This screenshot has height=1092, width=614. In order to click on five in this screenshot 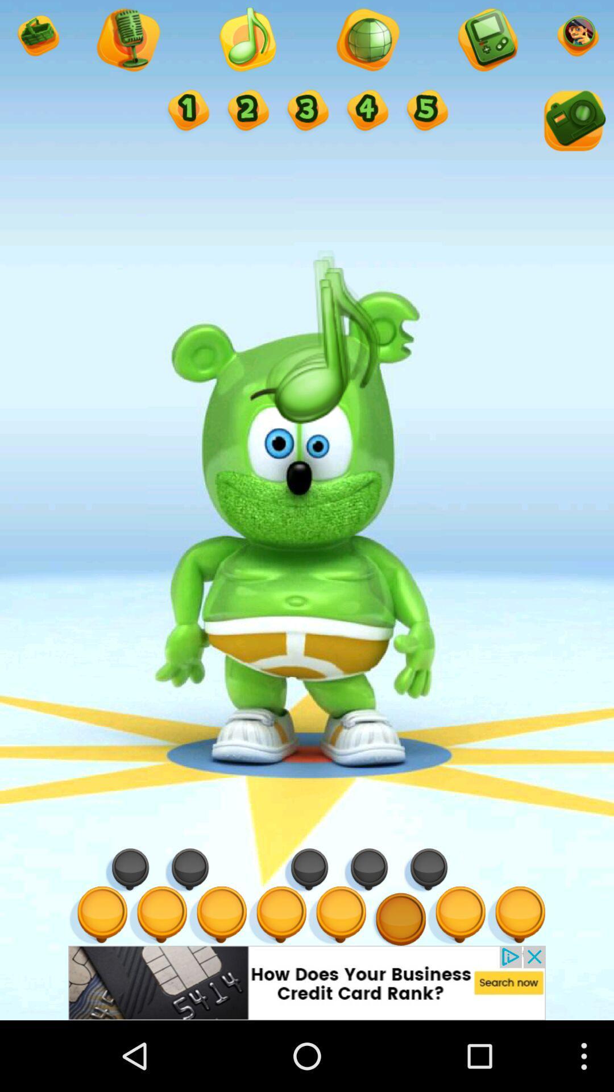, I will do `click(426, 111)`.